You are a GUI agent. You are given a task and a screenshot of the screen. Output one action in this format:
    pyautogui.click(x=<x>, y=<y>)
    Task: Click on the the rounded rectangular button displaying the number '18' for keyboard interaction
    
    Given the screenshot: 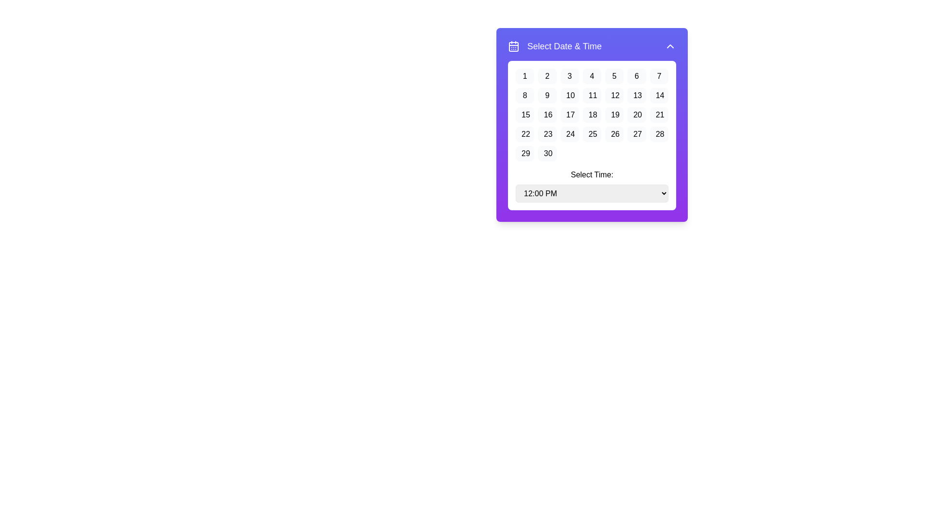 What is the action you would take?
    pyautogui.click(x=591, y=115)
    